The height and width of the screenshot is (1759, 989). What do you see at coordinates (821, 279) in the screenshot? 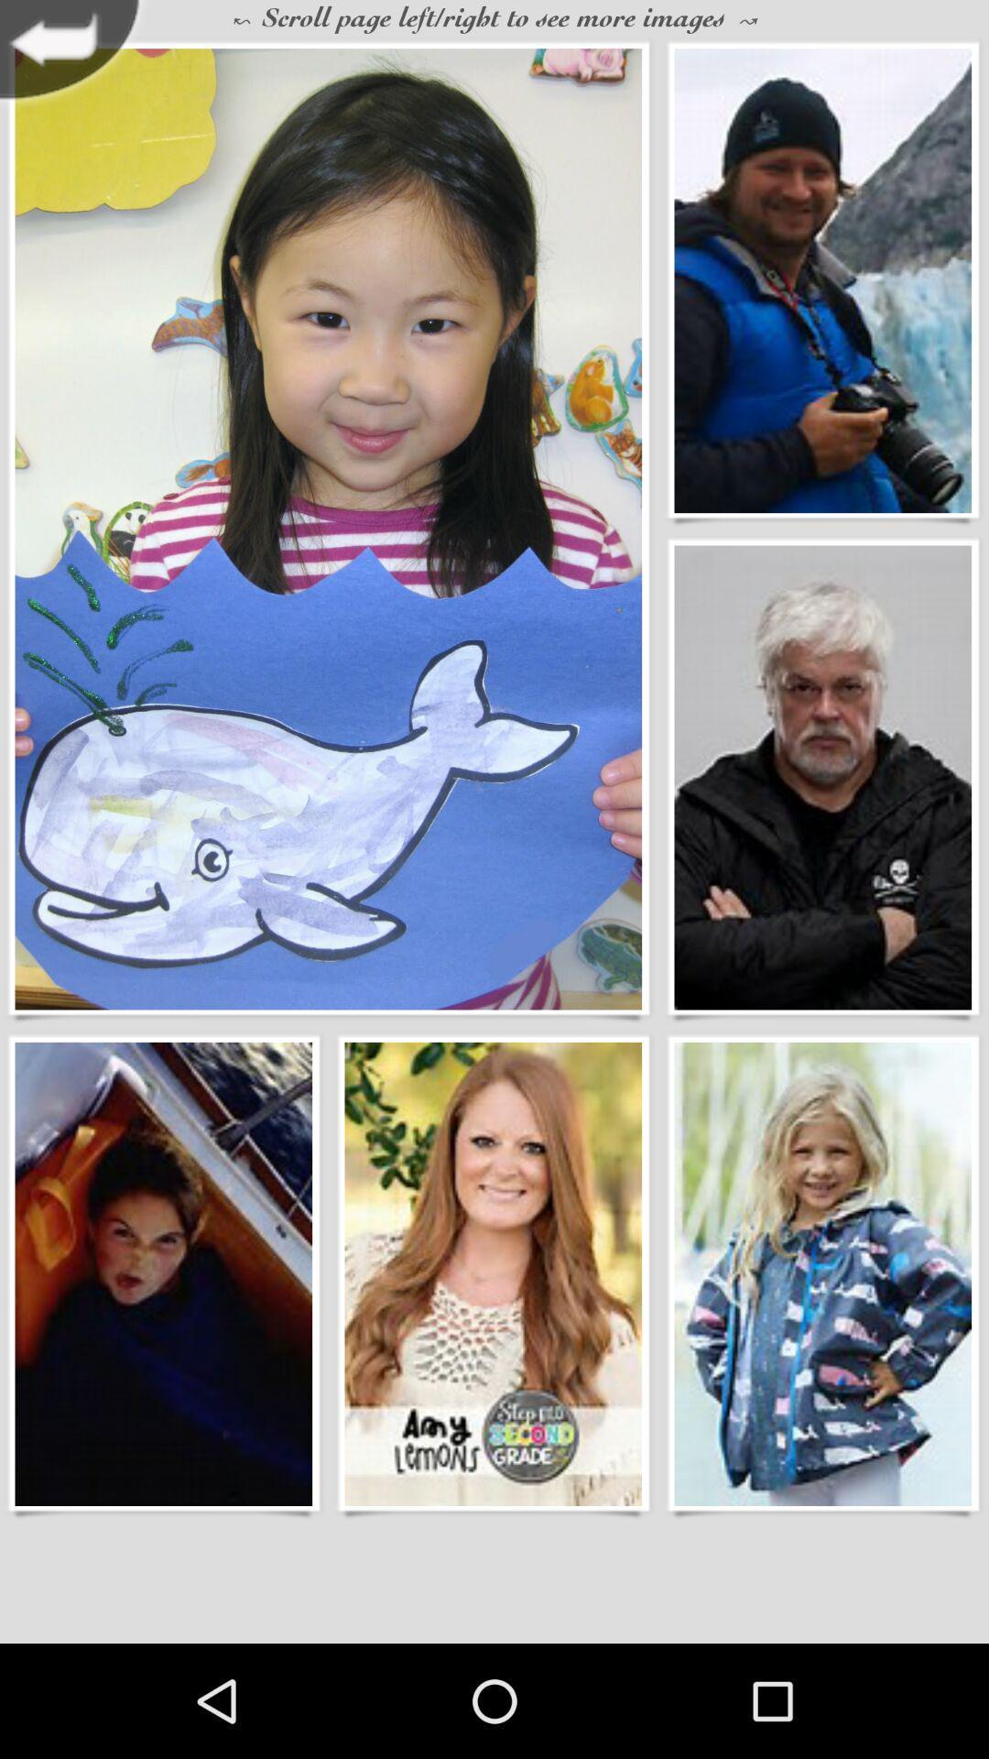
I see `person` at bounding box center [821, 279].